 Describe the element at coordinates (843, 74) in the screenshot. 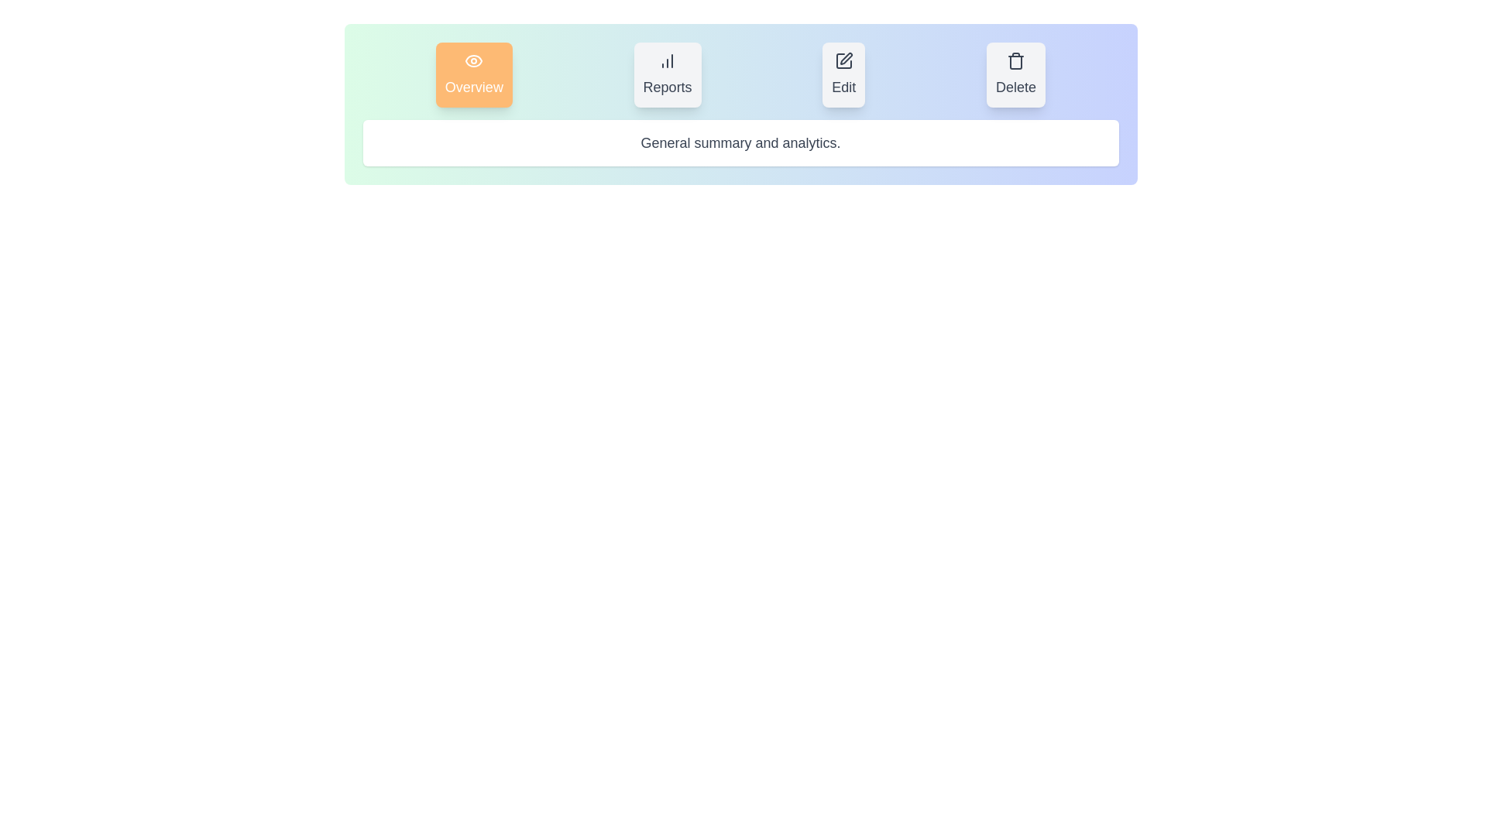

I see `the Edit tab by clicking on its button` at that location.